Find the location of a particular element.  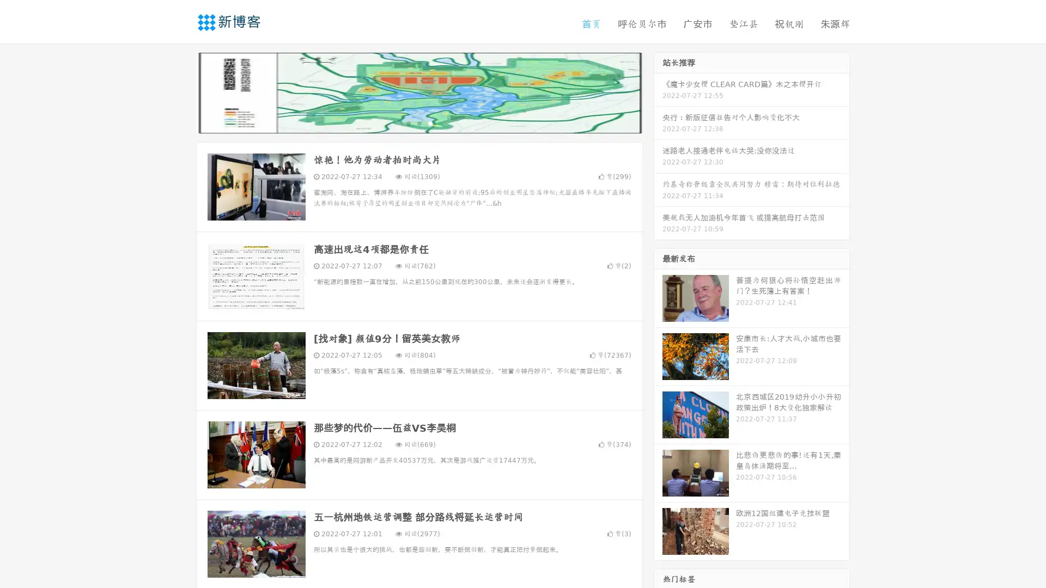

Go to slide 2 is located at coordinates (418, 122).